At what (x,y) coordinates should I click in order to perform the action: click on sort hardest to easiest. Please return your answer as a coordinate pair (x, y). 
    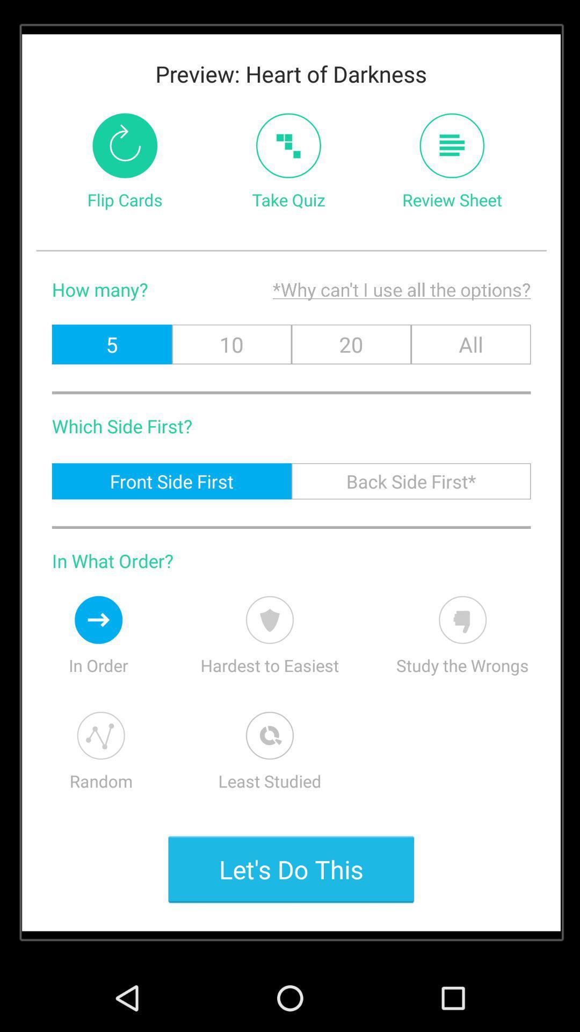
    Looking at the image, I should click on (269, 620).